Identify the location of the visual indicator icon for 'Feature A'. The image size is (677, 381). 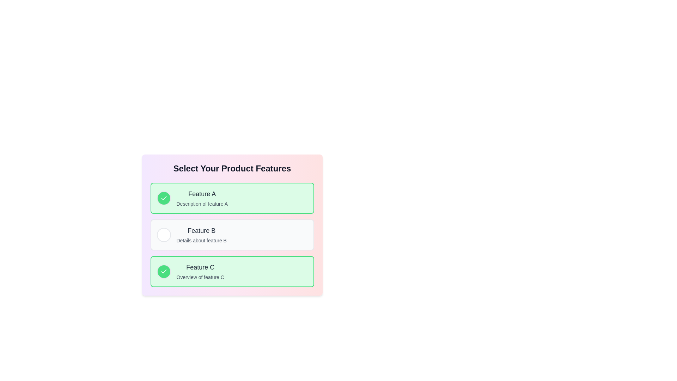
(163, 271).